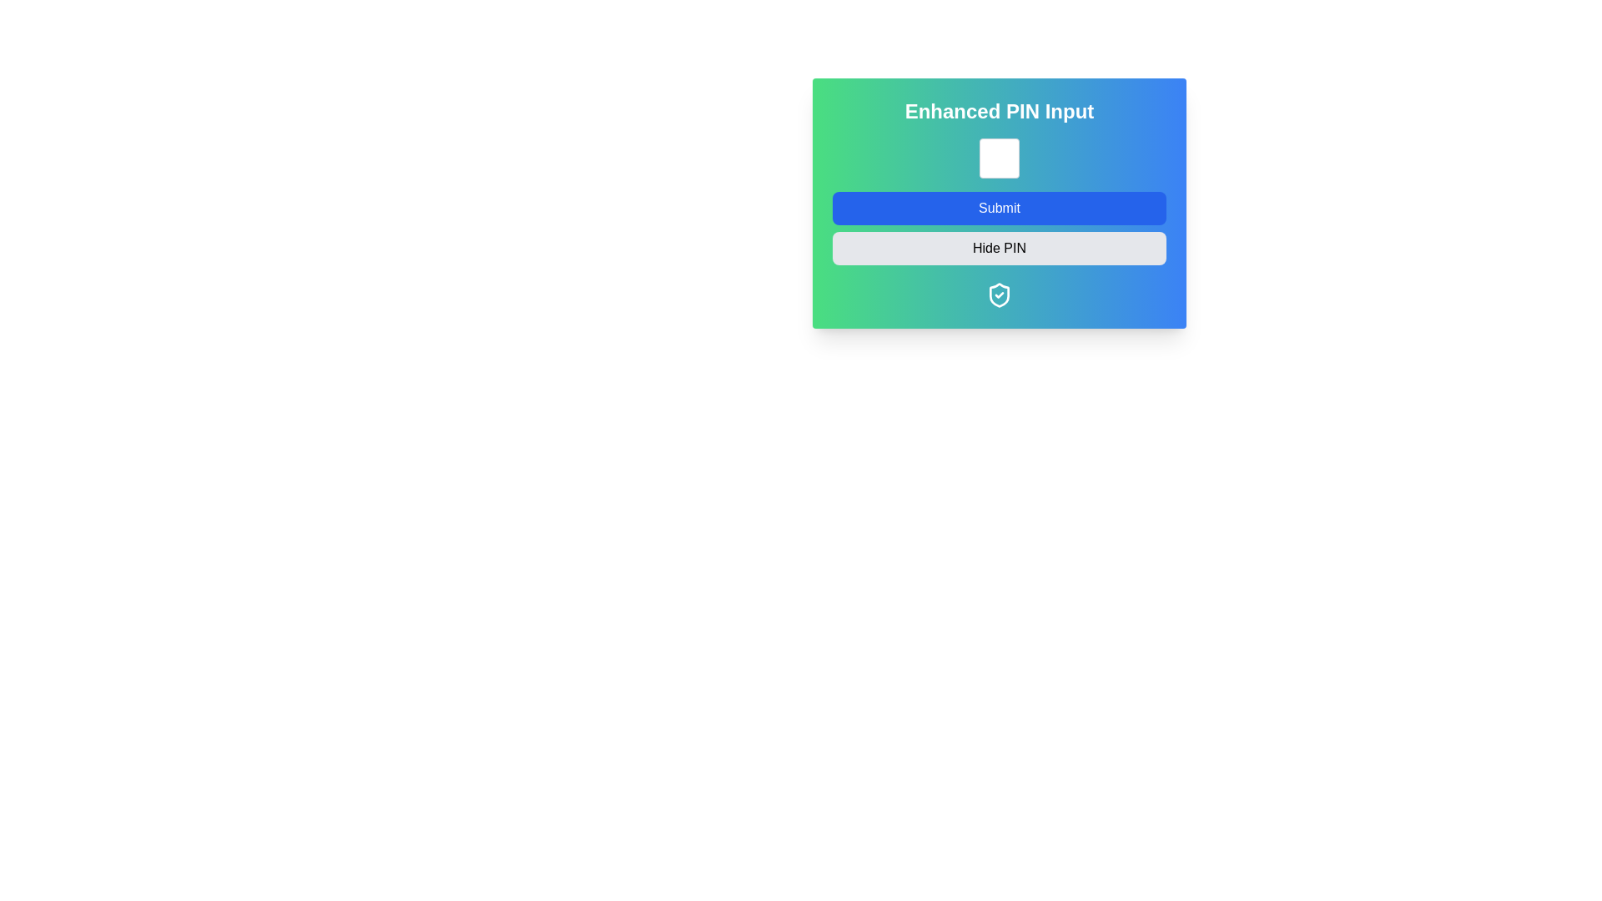 The width and height of the screenshot is (1602, 901). I want to click on the shield-shaped icon with a checkmark inside, which is styled with a white stroke and located below the 'Hide PIN' button in the card-like structure, so click(1000, 294).